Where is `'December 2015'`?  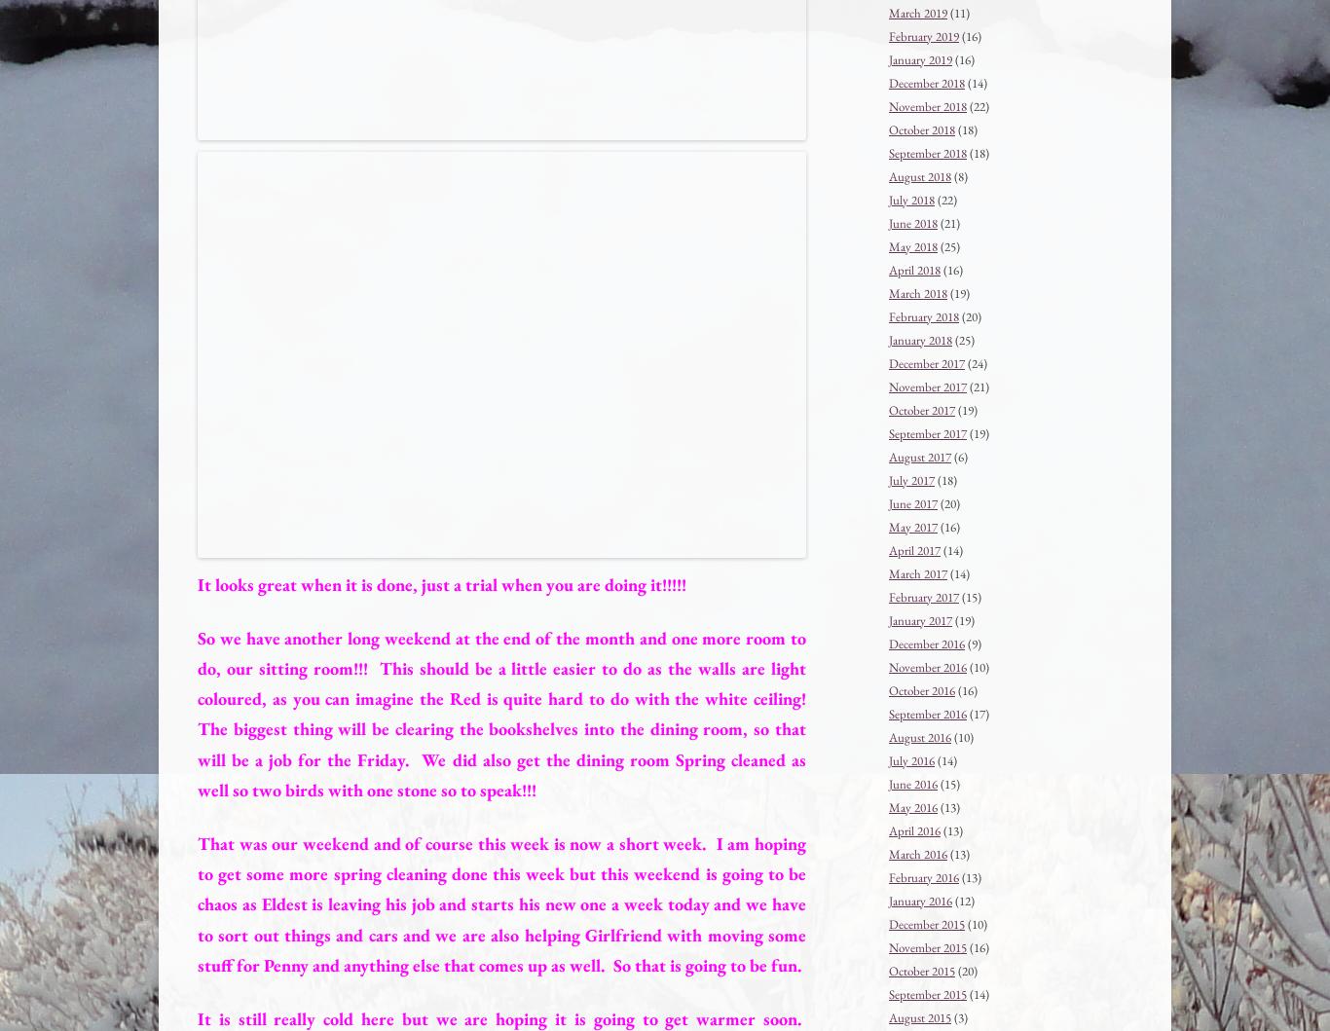 'December 2015' is located at coordinates (926, 923).